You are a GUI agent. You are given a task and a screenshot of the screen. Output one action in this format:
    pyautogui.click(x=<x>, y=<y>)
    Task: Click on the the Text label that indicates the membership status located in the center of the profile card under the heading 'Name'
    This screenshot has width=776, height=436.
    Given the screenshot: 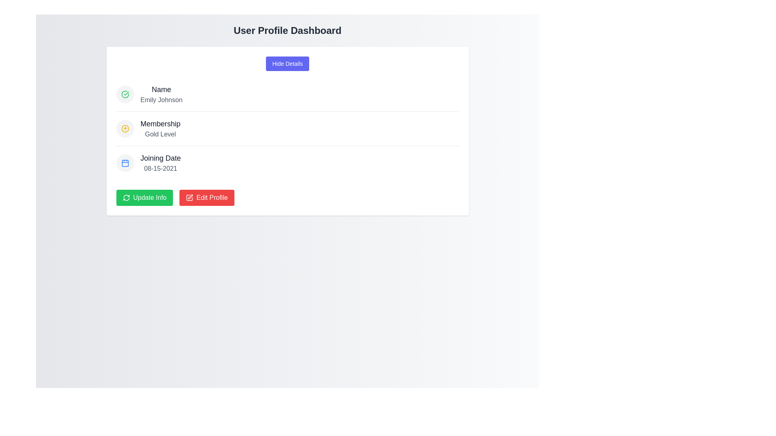 What is the action you would take?
    pyautogui.click(x=160, y=124)
    